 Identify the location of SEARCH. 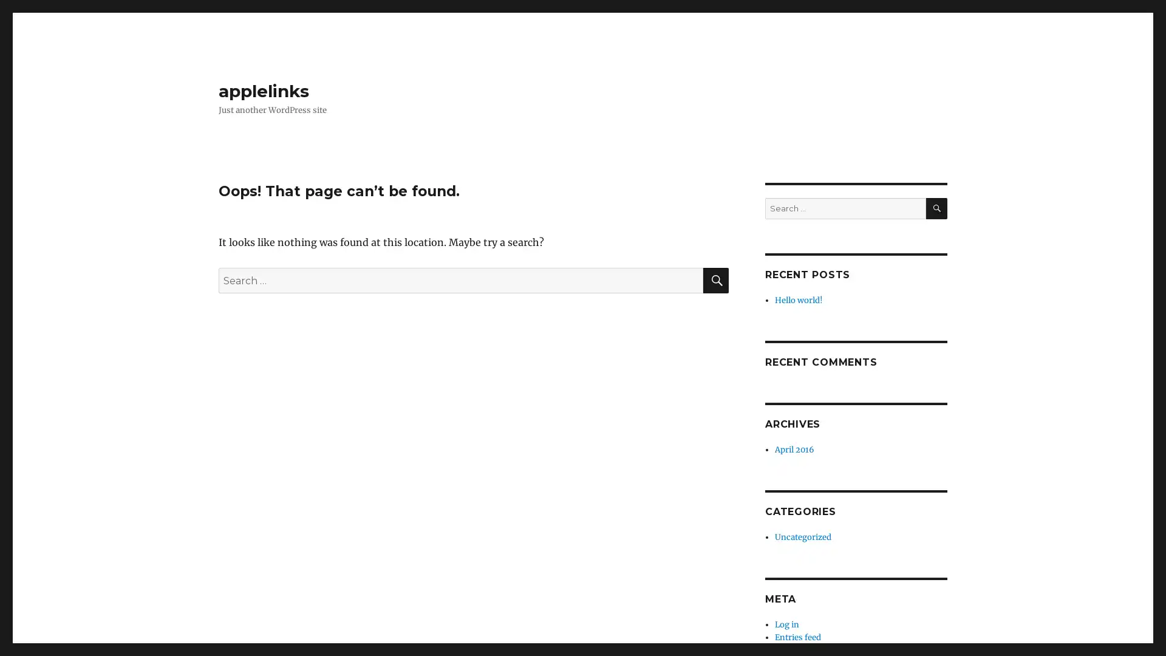
(716, 281).